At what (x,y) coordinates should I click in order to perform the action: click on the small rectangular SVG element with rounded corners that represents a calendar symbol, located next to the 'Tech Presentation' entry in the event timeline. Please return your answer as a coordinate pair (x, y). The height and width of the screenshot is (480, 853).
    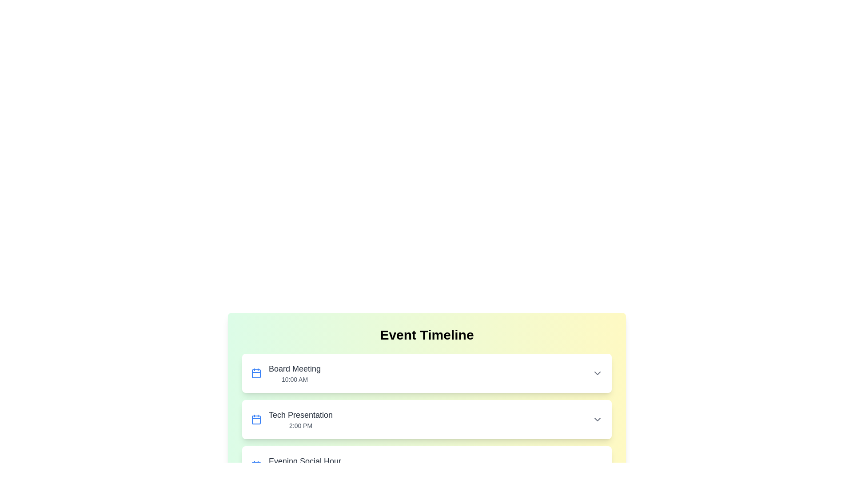
    Looking at the image, I should click on (255, 420).